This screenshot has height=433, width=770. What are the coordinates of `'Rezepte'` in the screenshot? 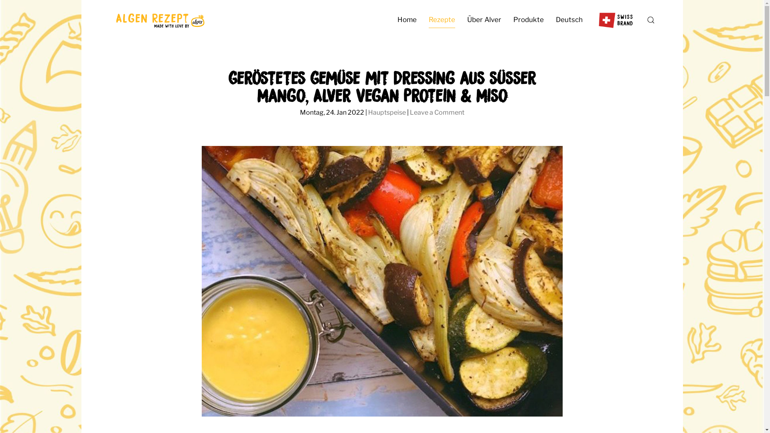 It's located at (442, 20).